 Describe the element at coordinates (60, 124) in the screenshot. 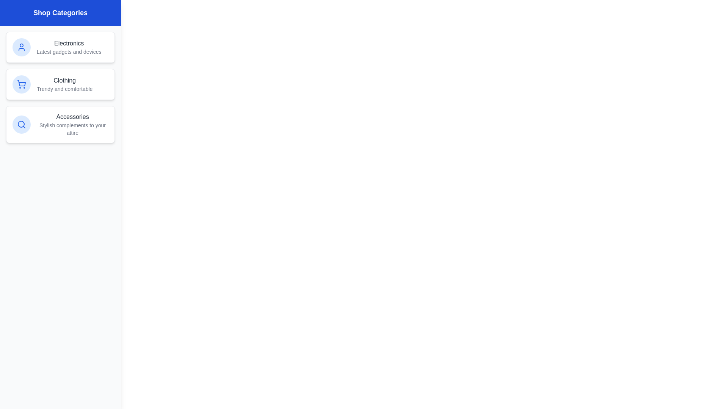

I see `the list item corresponding to Accessories to view its details` at that location.